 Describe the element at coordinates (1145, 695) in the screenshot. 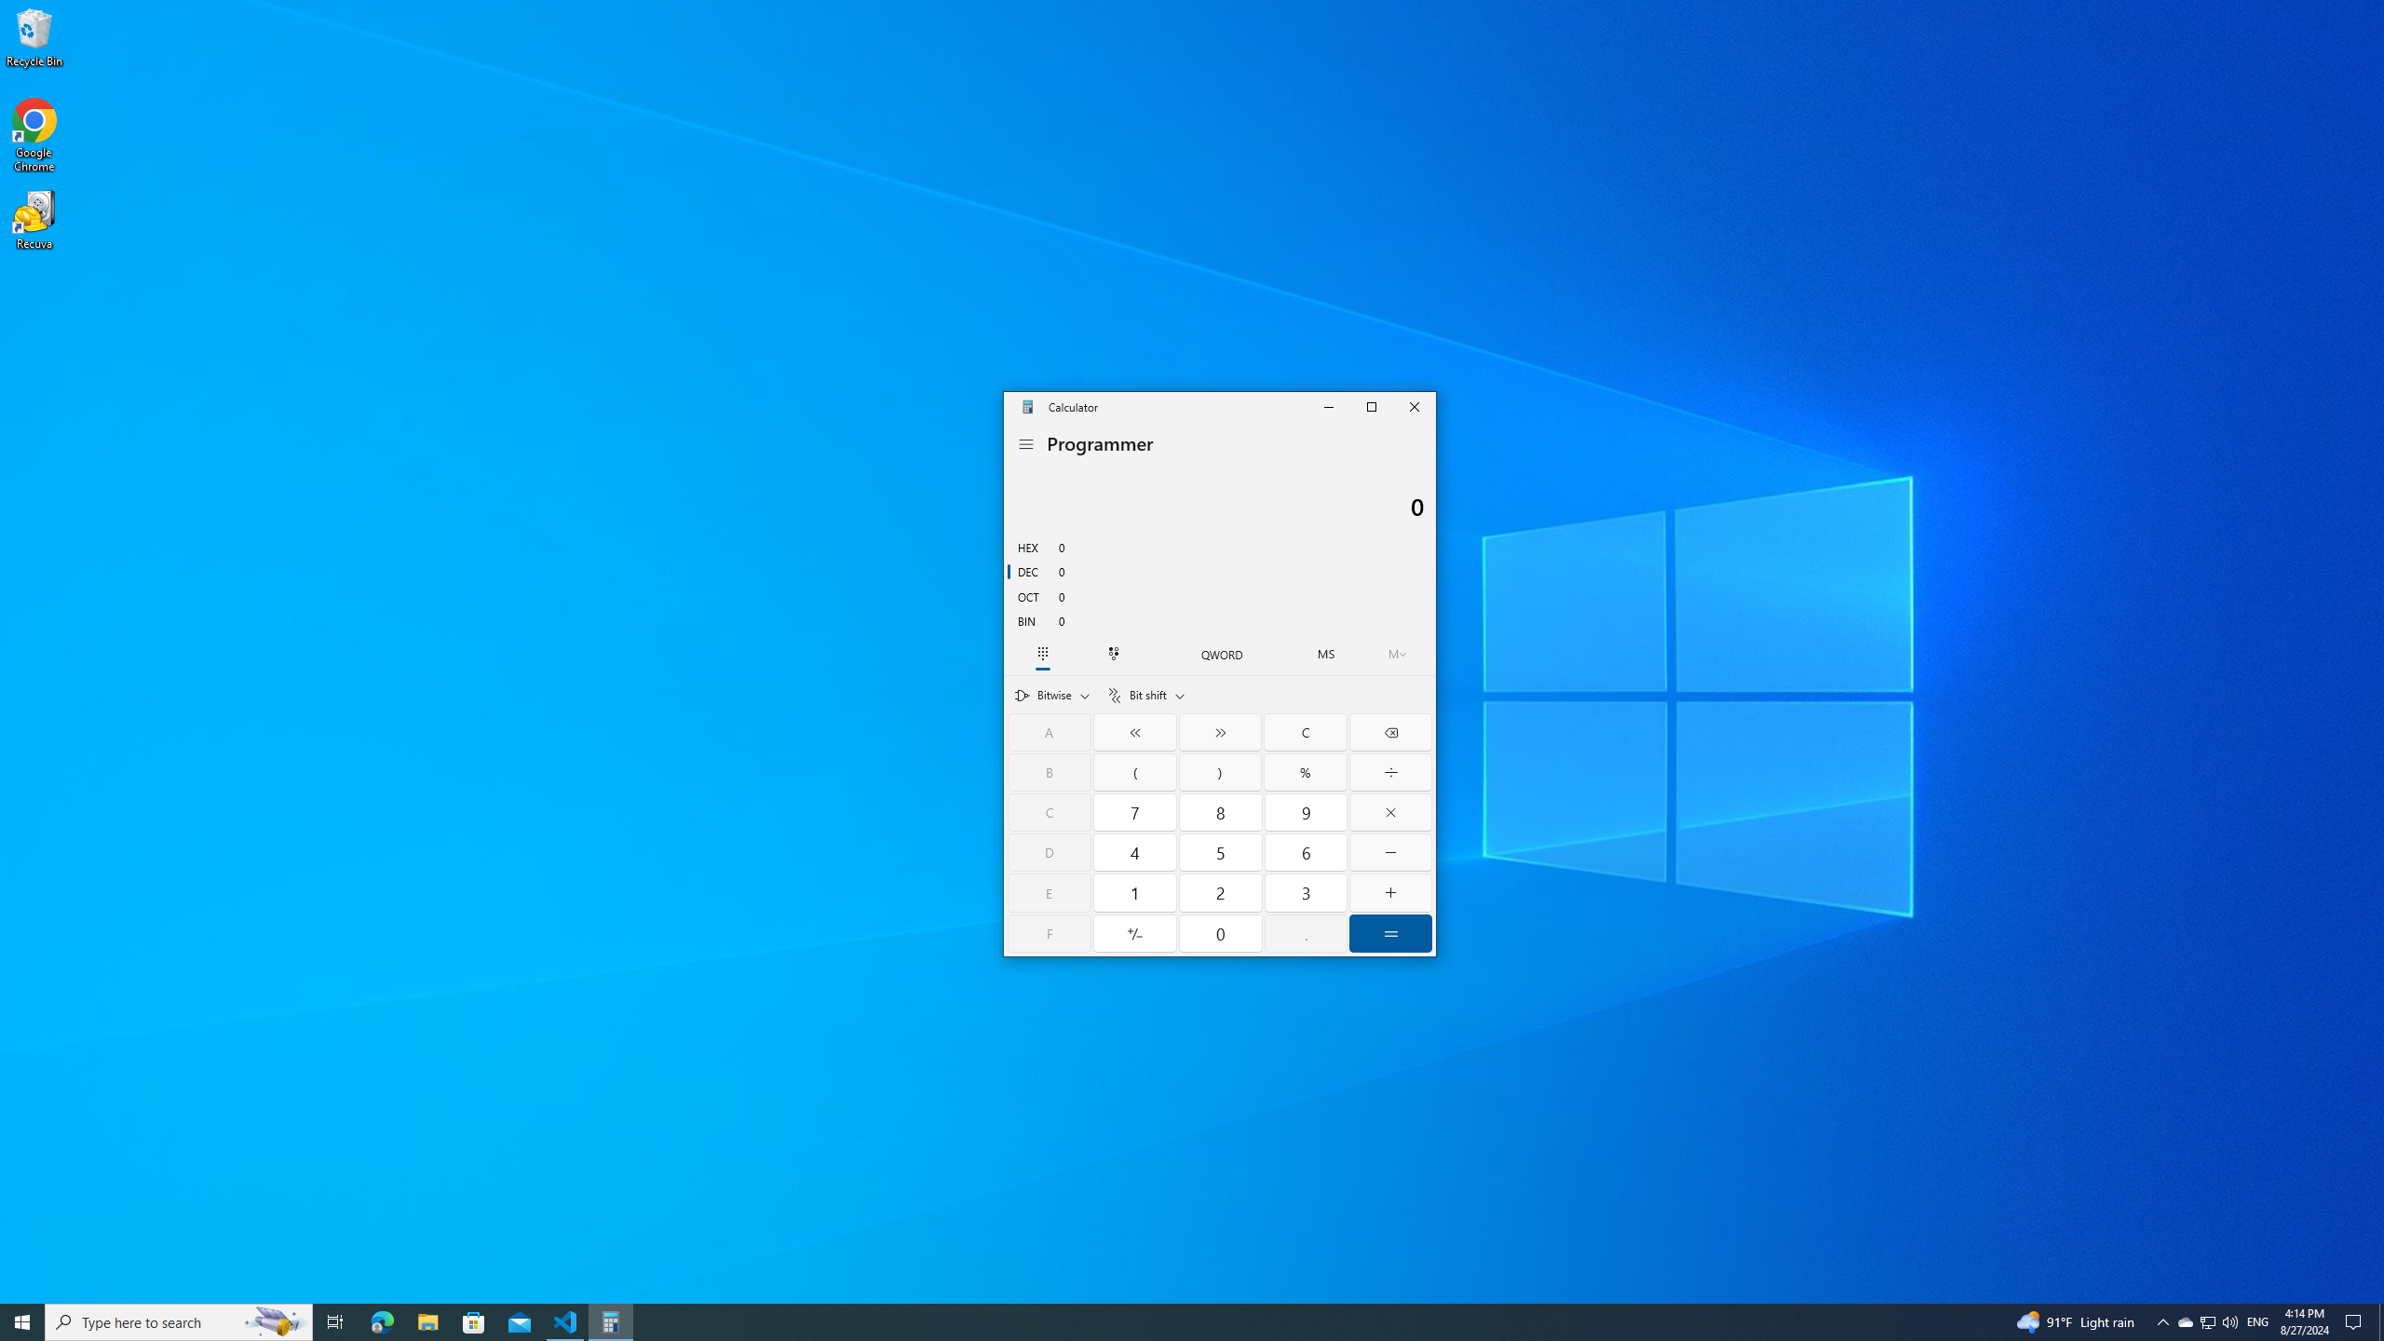

I see `'Bitshift'` at that location.